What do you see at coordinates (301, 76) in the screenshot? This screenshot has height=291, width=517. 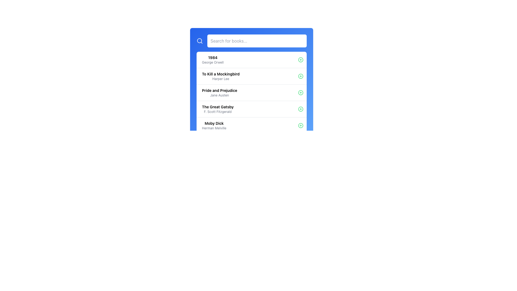 I see `the SVG Circle with a green border located to the right of the book title 'To Kill a Mockingbird'` at bounding box center [301, 76].